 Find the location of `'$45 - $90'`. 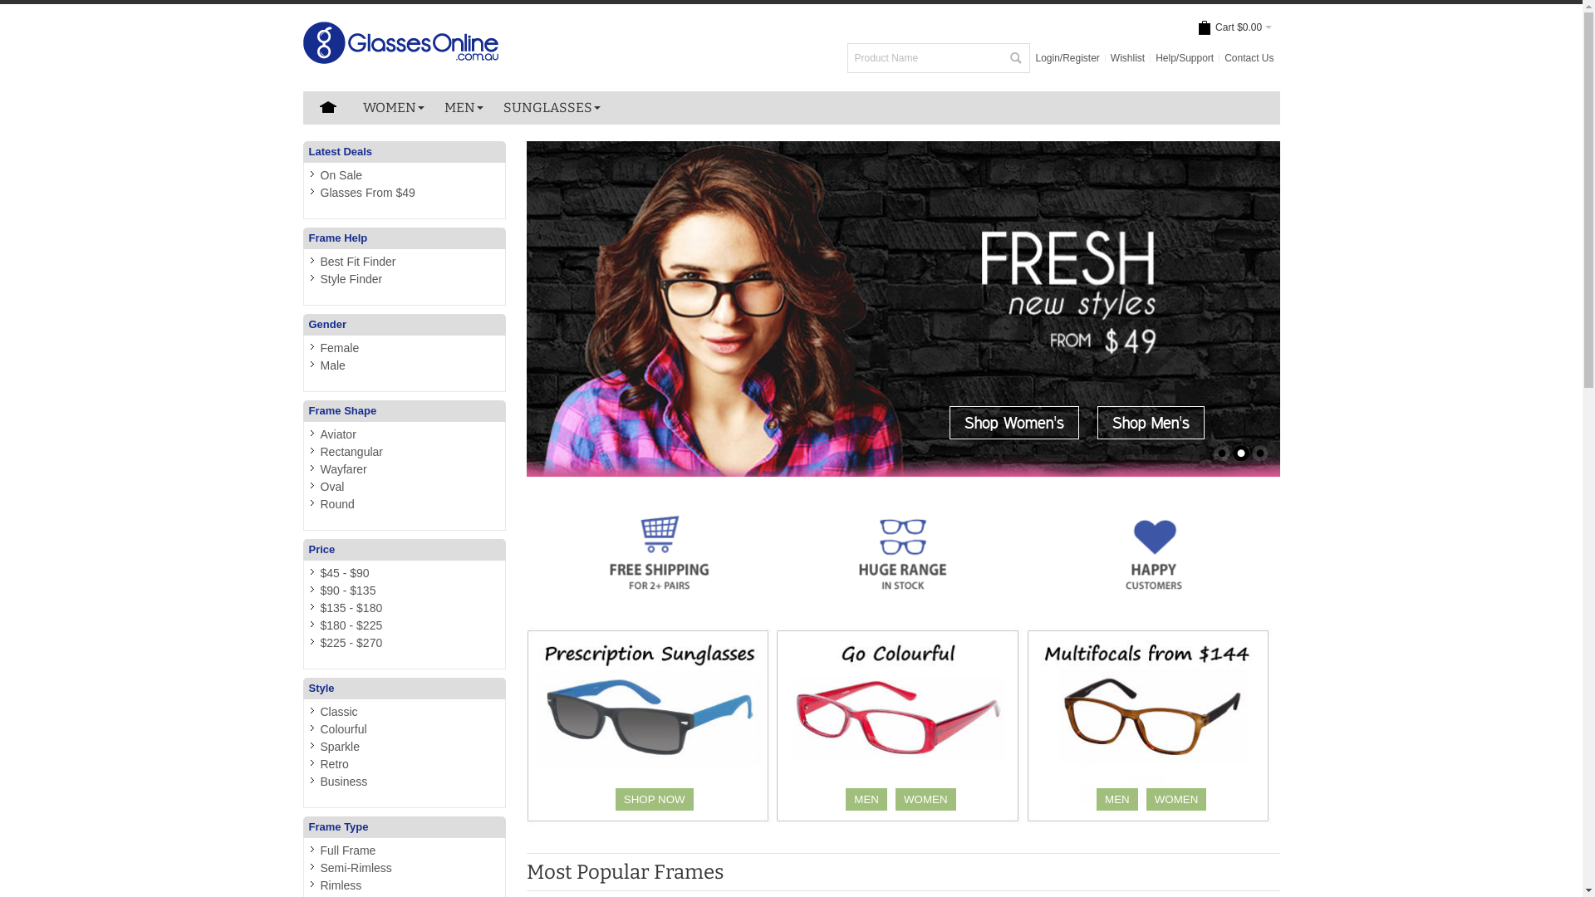

'$45 - $90' is located at coordinates (344, 572).